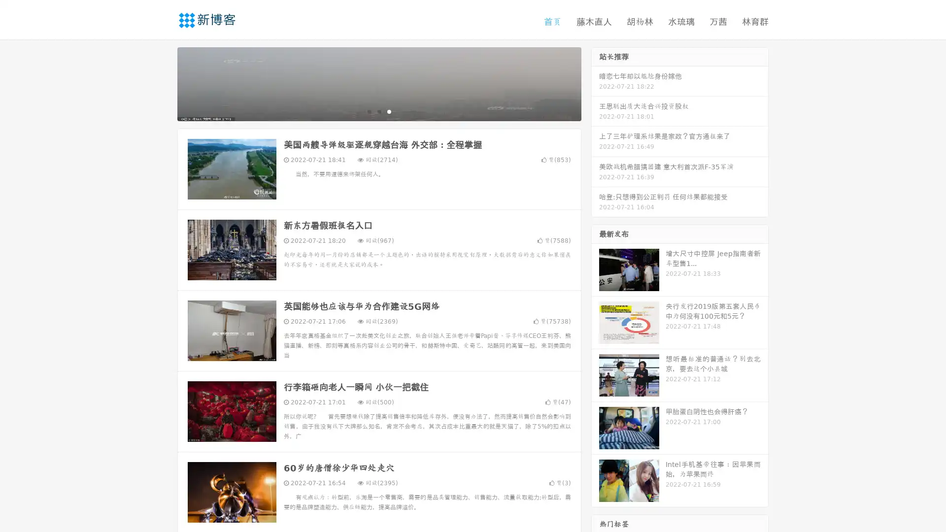 The width and height of the screenshot is (946, 532). I want to click on Previous slide, so click(163, 83).